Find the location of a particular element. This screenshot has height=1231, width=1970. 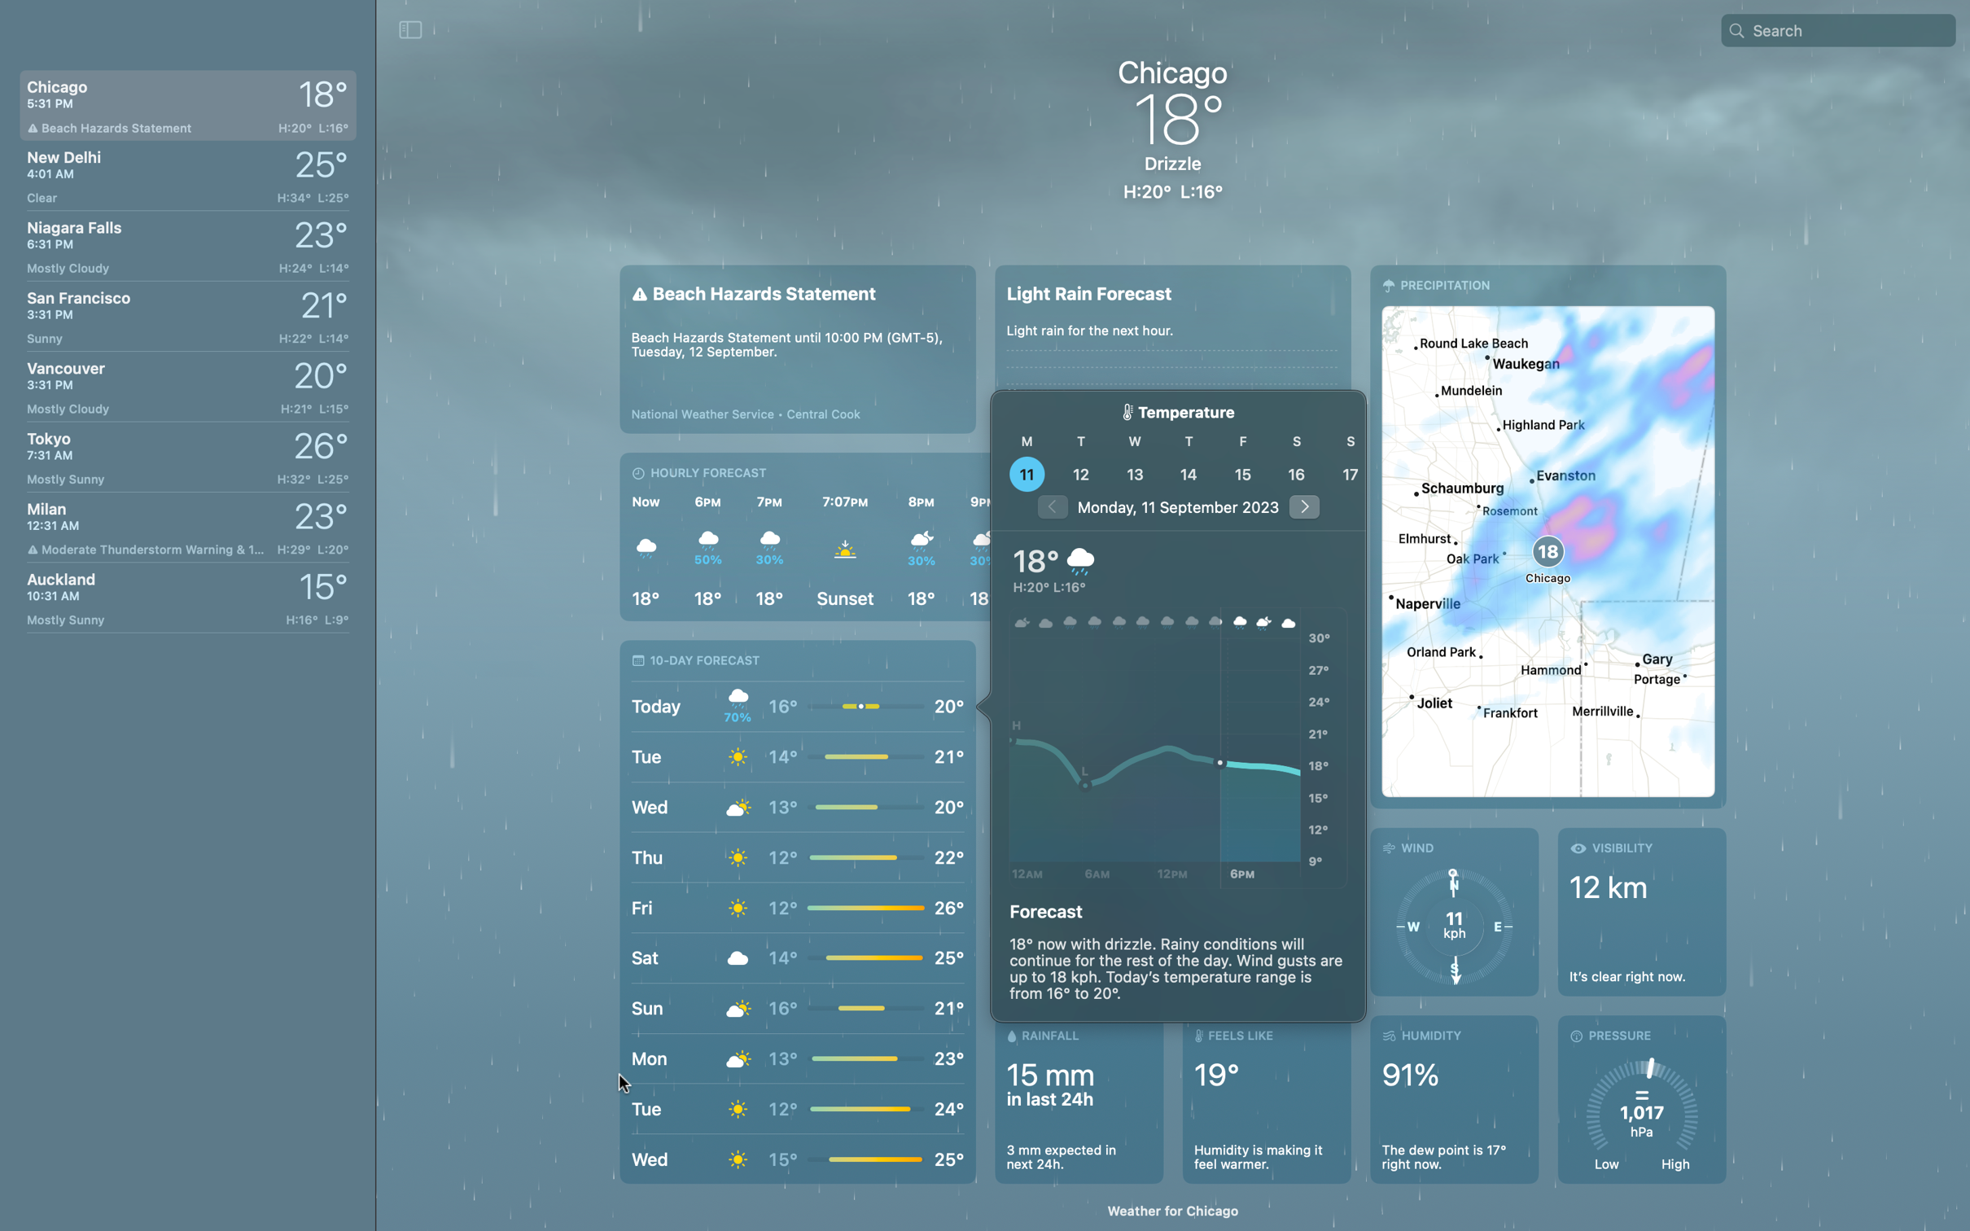

Click the date button to ascertain the weather for the 13th is located at coordinates (1136, 473).